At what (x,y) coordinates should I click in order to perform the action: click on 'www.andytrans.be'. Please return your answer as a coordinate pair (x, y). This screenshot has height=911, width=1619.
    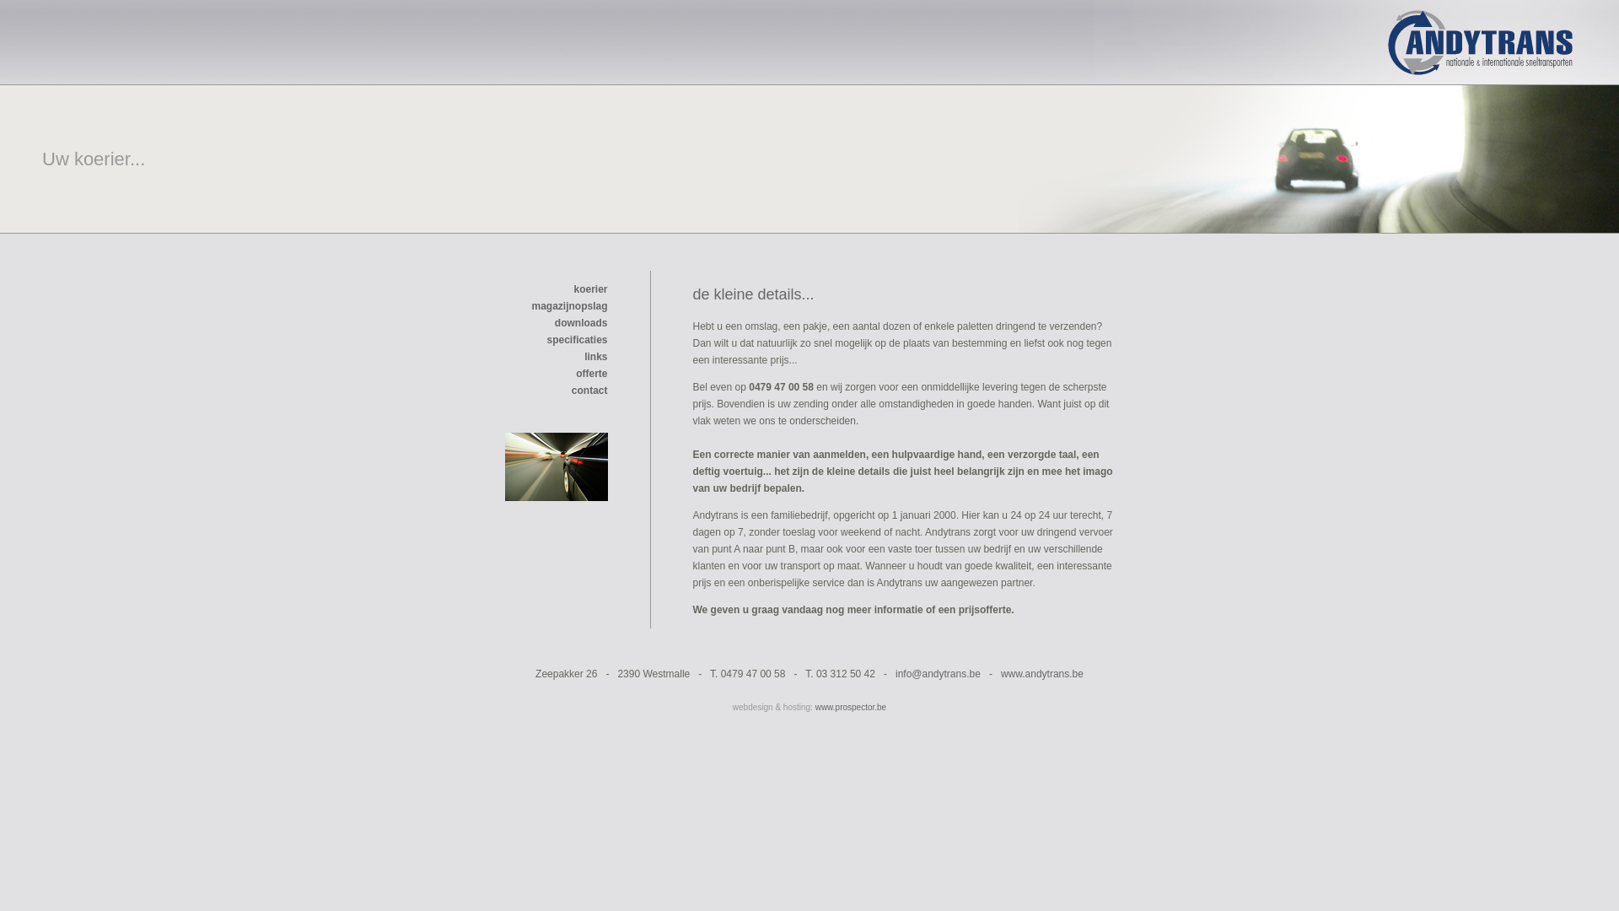
    Looking at the image, I should click on (1041, 672).